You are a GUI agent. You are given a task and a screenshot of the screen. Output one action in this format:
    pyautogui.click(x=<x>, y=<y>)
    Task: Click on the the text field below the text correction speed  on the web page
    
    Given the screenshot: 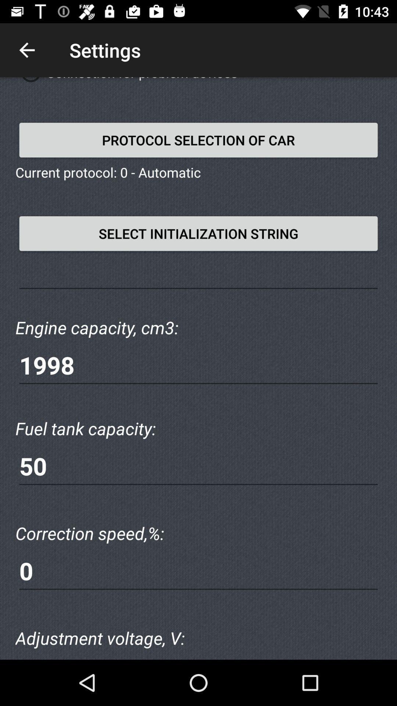 What is the action you would take?
    pyautogui.click(x=198, y=571)
    